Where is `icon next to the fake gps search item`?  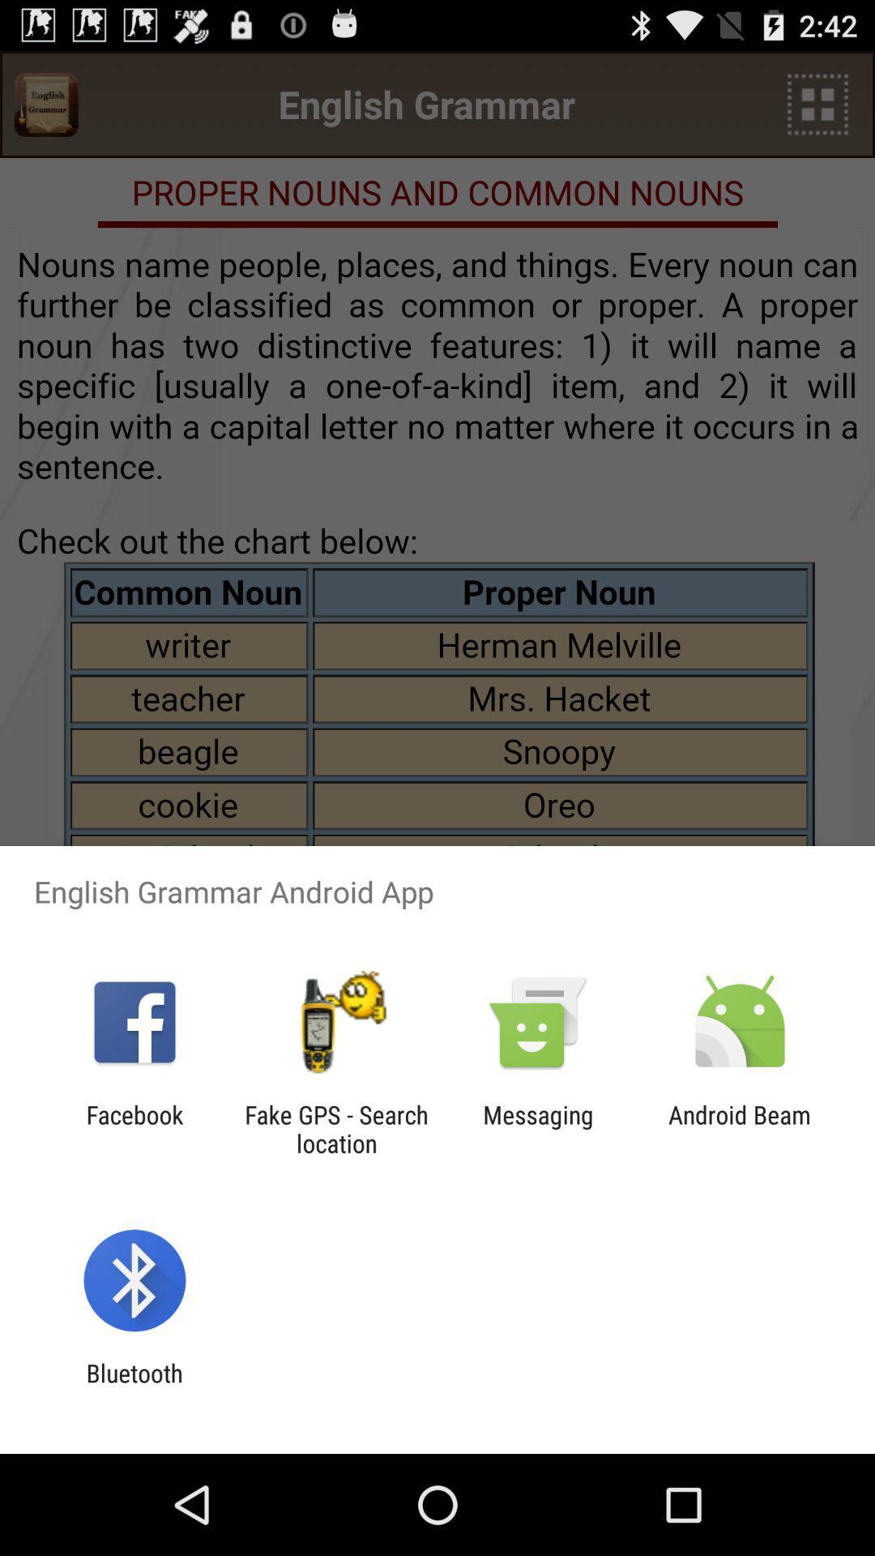 icon next to the fake gps search item is located at coordinates (538, 1128).